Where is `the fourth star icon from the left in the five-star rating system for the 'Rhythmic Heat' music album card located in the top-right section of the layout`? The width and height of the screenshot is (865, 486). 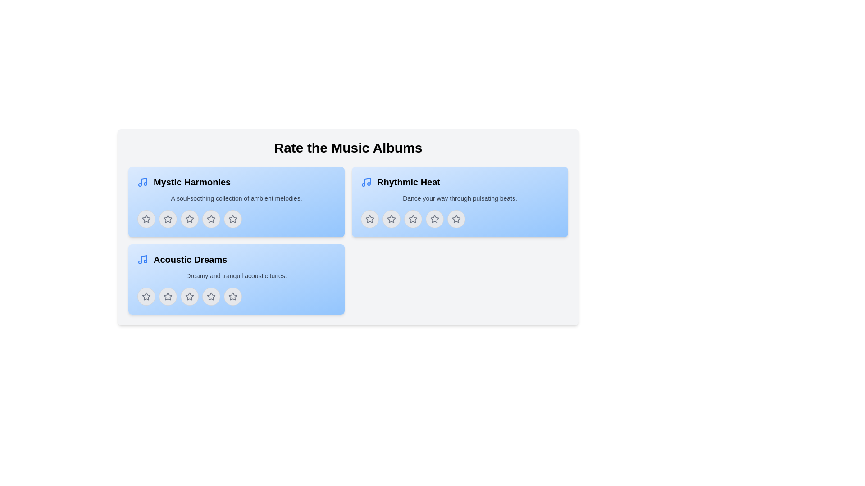
the fourth star icon from the left in the five-star rating system for the 'Rhythmic Heat' music album card located in the top-right section of the layout is located at coordinates (434, 219).